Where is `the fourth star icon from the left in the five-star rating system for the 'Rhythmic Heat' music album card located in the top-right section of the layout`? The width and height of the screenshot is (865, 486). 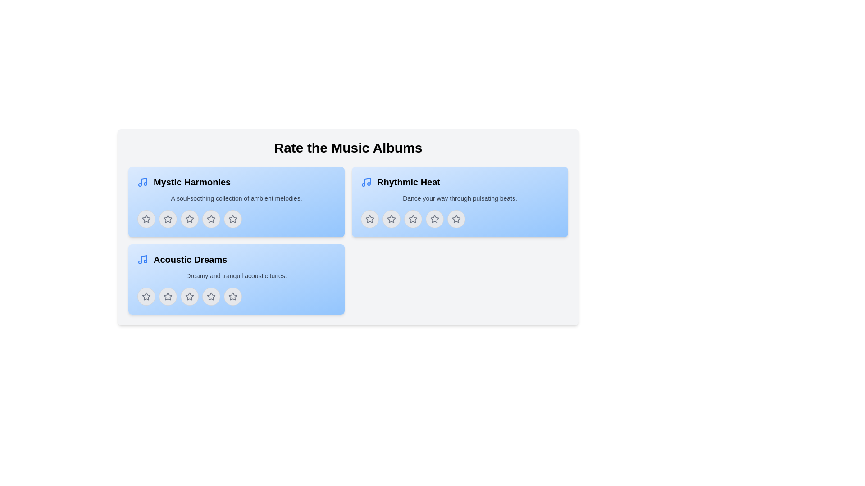
the fourth star icon from the left in the five-star rating system for the 'Rhythmic Heat' music album card located in the top-right section of the layout is located at coordinates (434, 219).